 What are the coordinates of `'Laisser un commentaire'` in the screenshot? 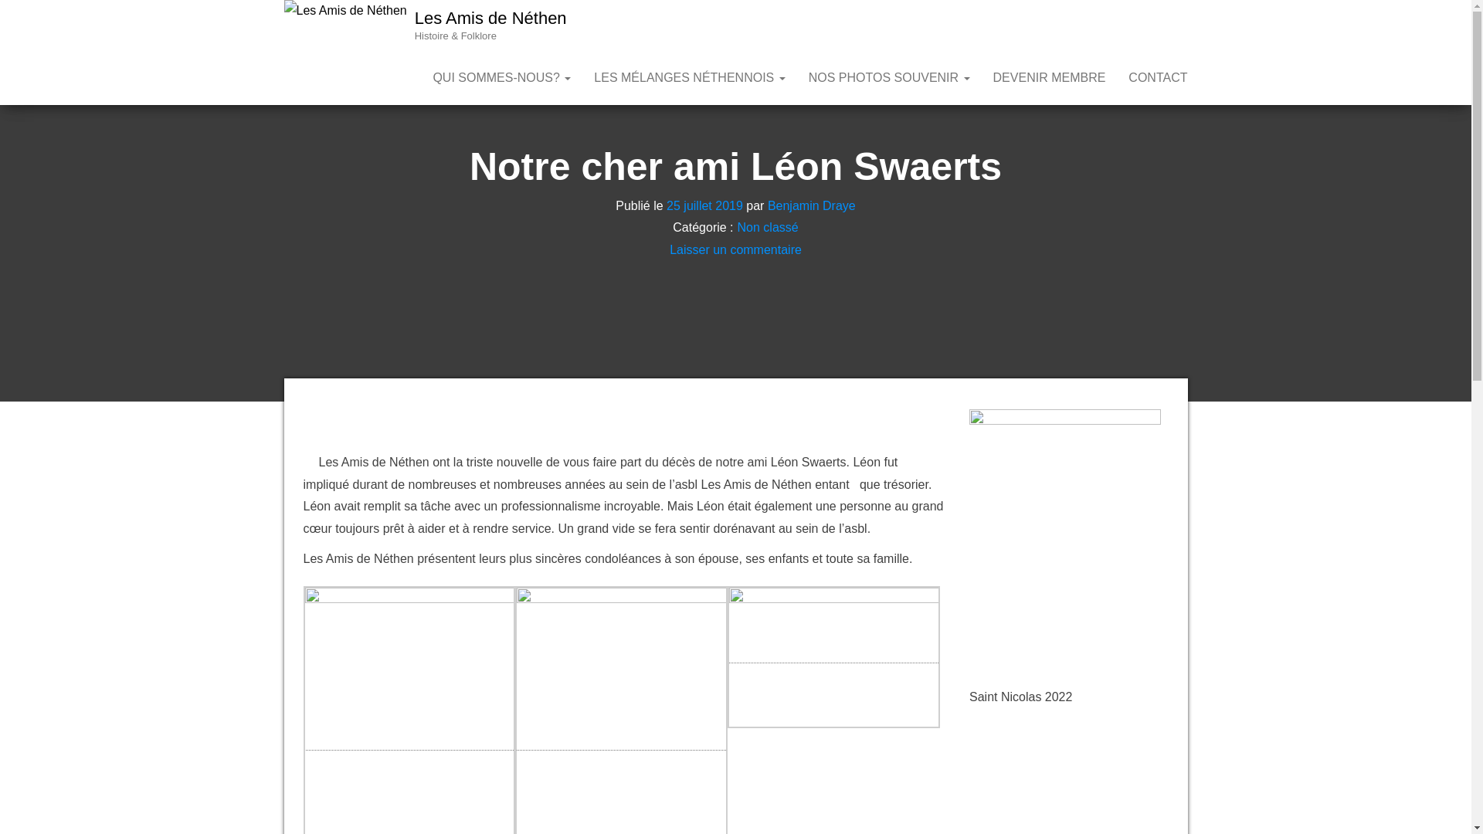 It's located at (735, 249).